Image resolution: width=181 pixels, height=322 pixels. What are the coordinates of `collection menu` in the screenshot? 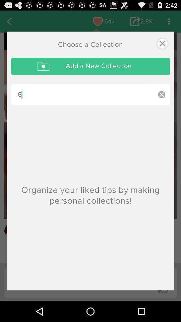 It's located at (162, 43).